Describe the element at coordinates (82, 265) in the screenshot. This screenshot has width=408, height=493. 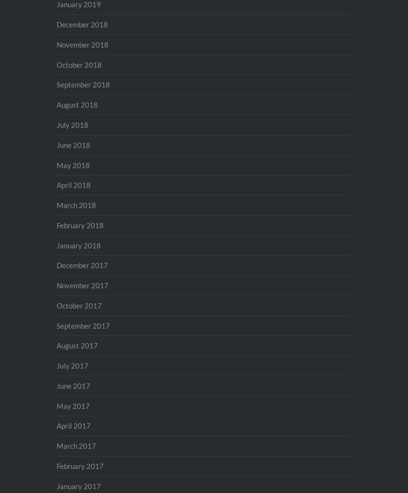
I see `'December 2017'` at that location.